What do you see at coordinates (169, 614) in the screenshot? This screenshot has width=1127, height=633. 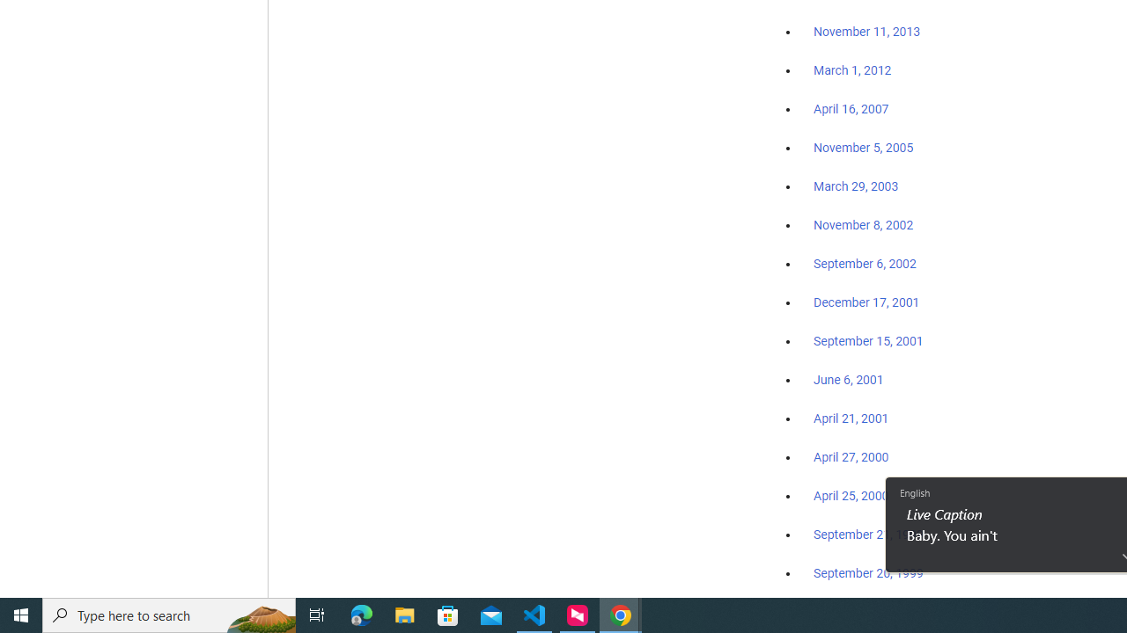 I see `'Type here to search'` at bounding box center [169, 614].